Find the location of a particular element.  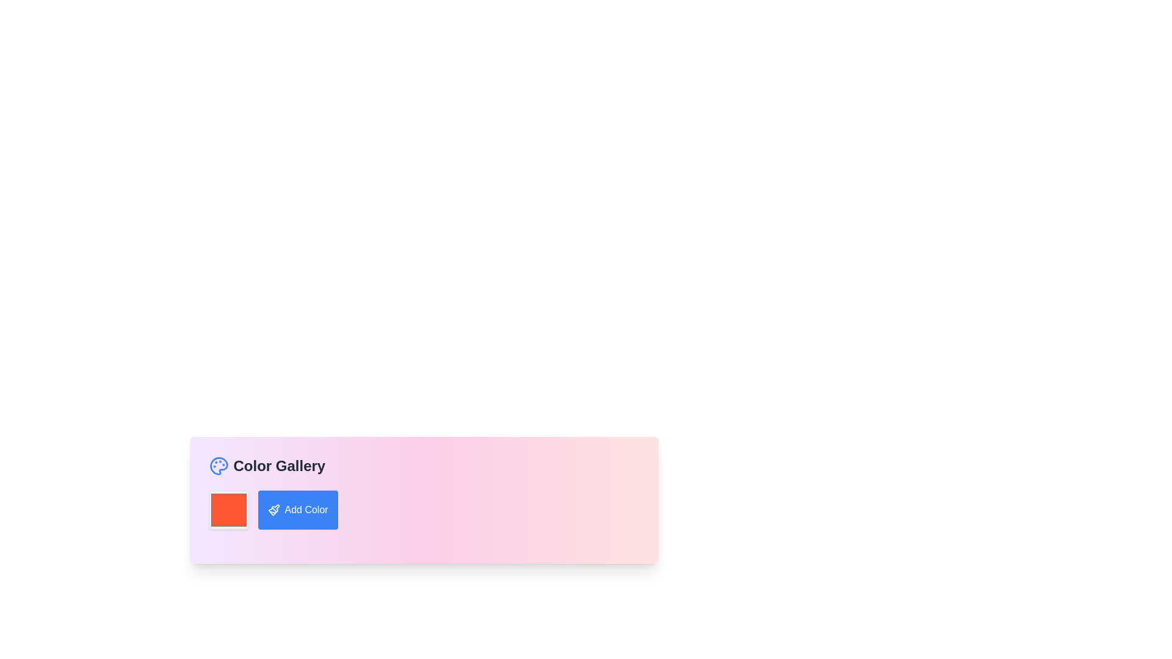

the Heading or Title element indicating the purpose of the interface related to color management or selection is located at coordinates (266, 466).